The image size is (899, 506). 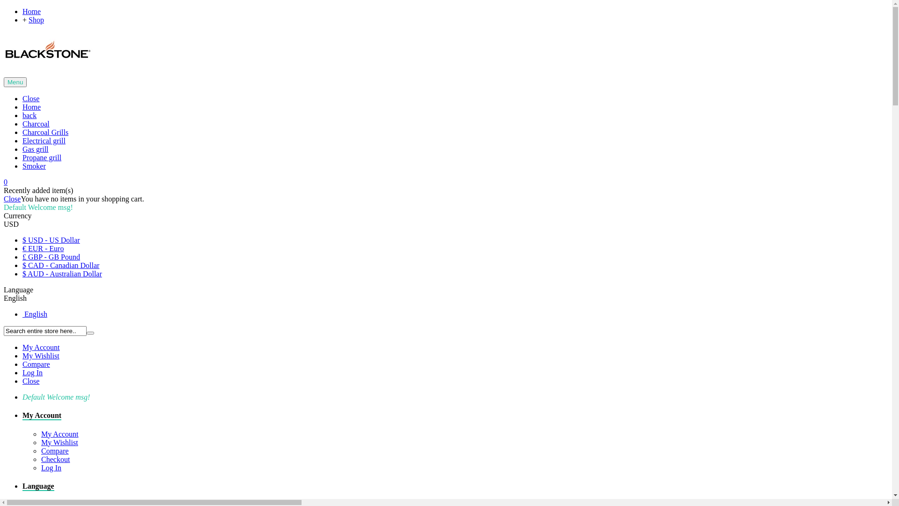 I want to click on 'Electrical grill', so click(x=44, y=141).